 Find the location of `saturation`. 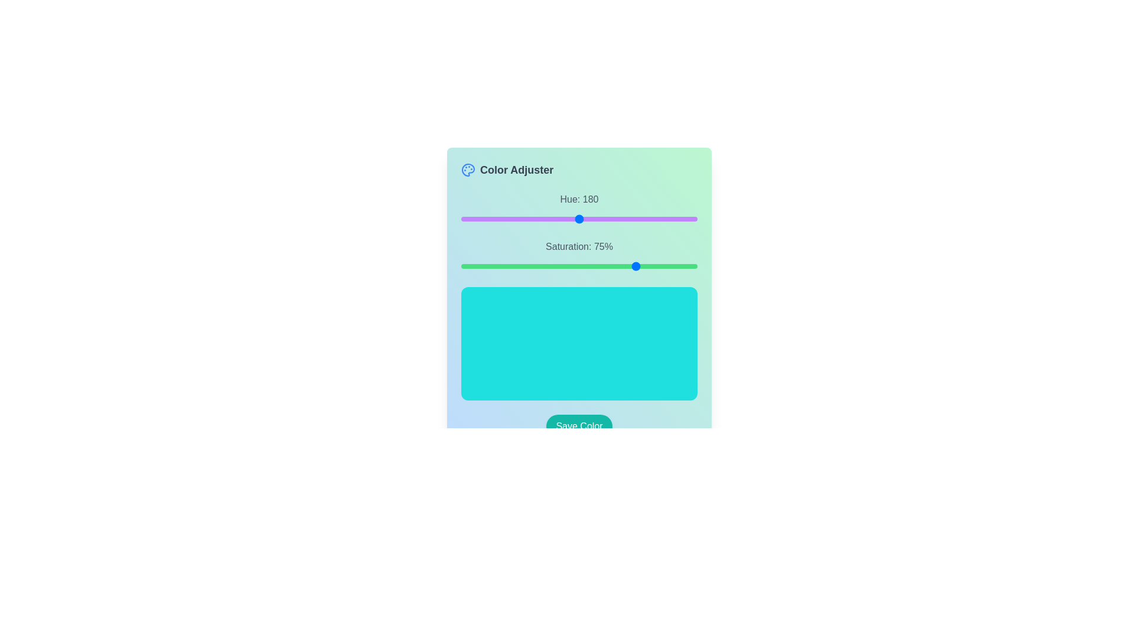

saturation is located at coordinates (695, 266).